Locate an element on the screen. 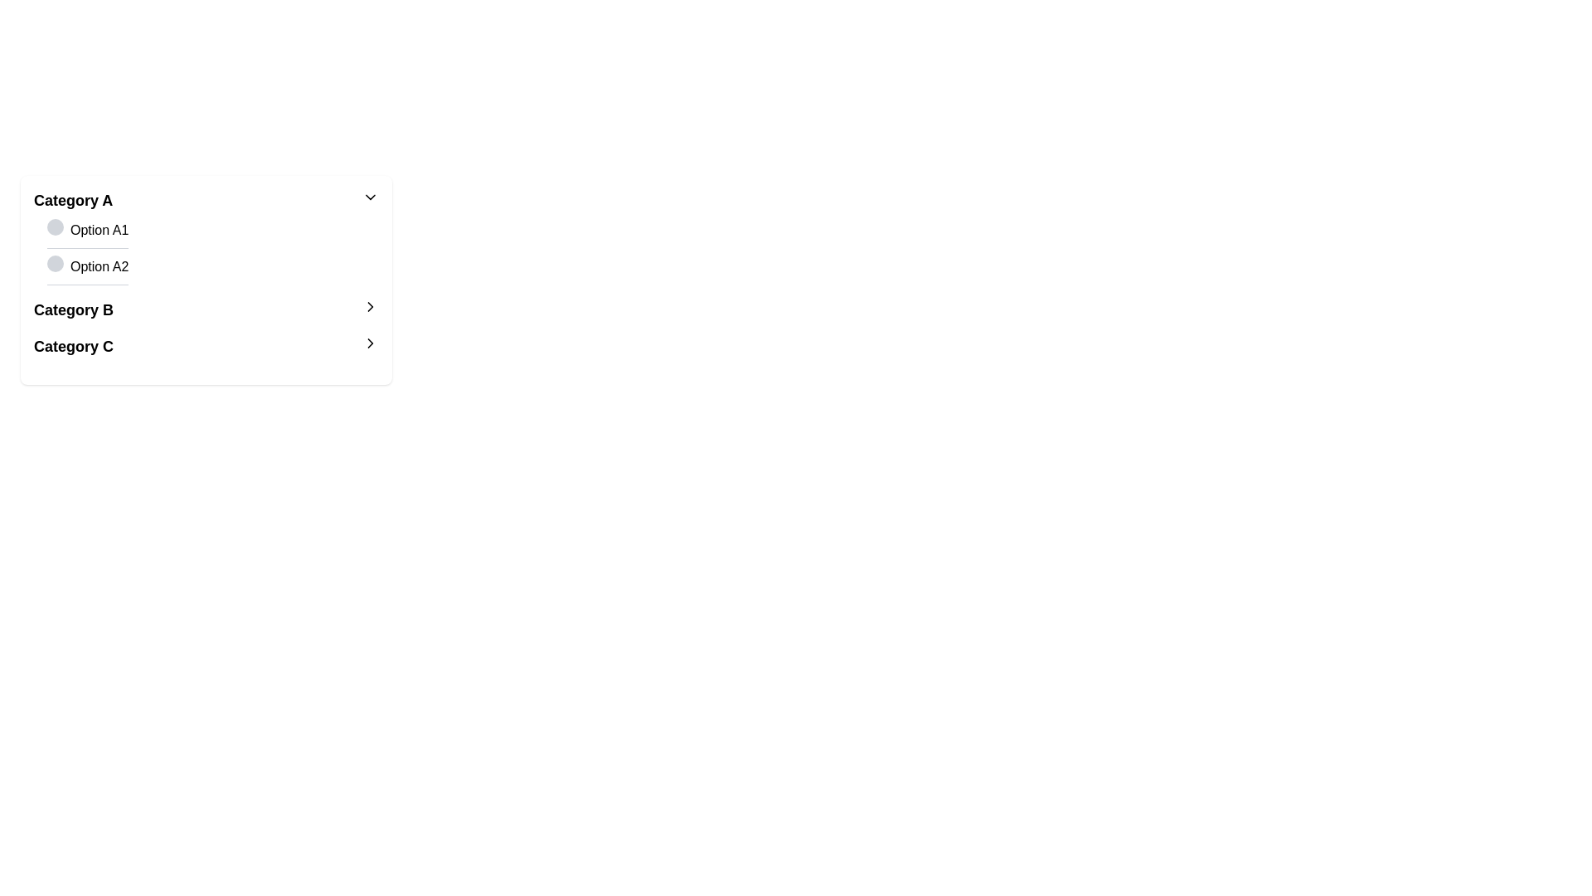 This screenshot has height=896, width=1592. the unselected radio button labeled 'Option A2' is located at coordinates (212, 270).